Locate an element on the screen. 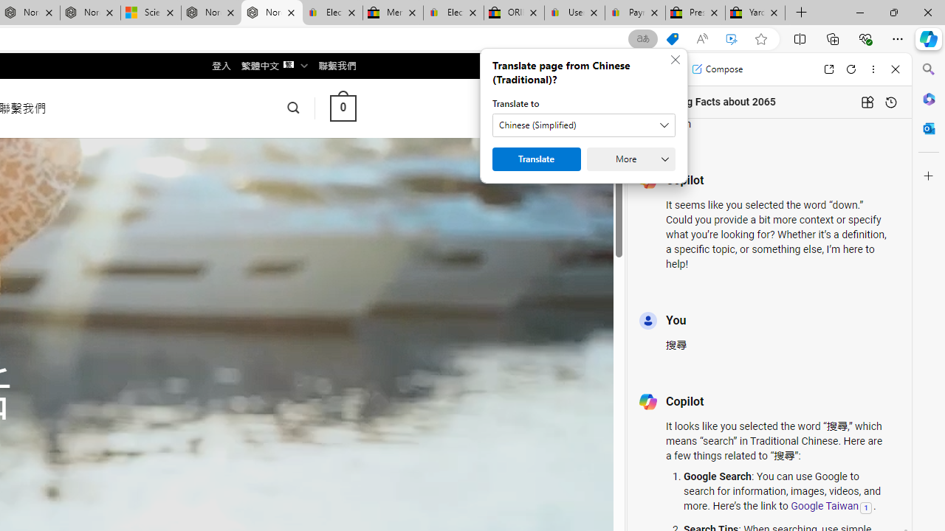 The width and height of the screenshot is (945, 531). 'Yard, Garden & Outdoor Living' is located at coordinates (755, 13).